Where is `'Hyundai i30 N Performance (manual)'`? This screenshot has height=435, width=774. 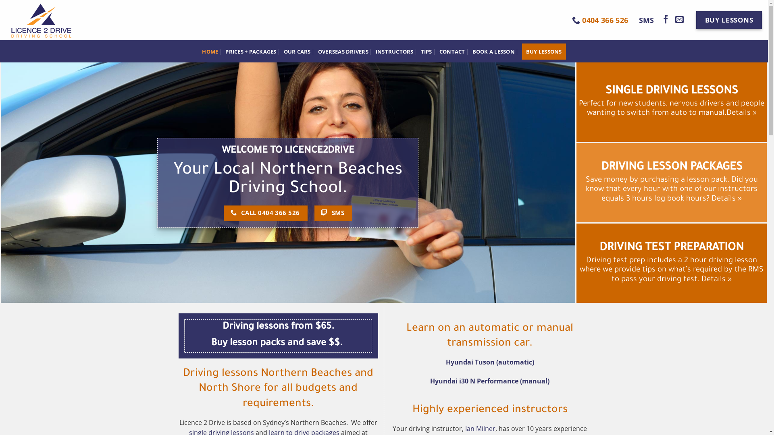
'Hyundai i30 N Performance (manual)' is located at coordinates (489, 381).